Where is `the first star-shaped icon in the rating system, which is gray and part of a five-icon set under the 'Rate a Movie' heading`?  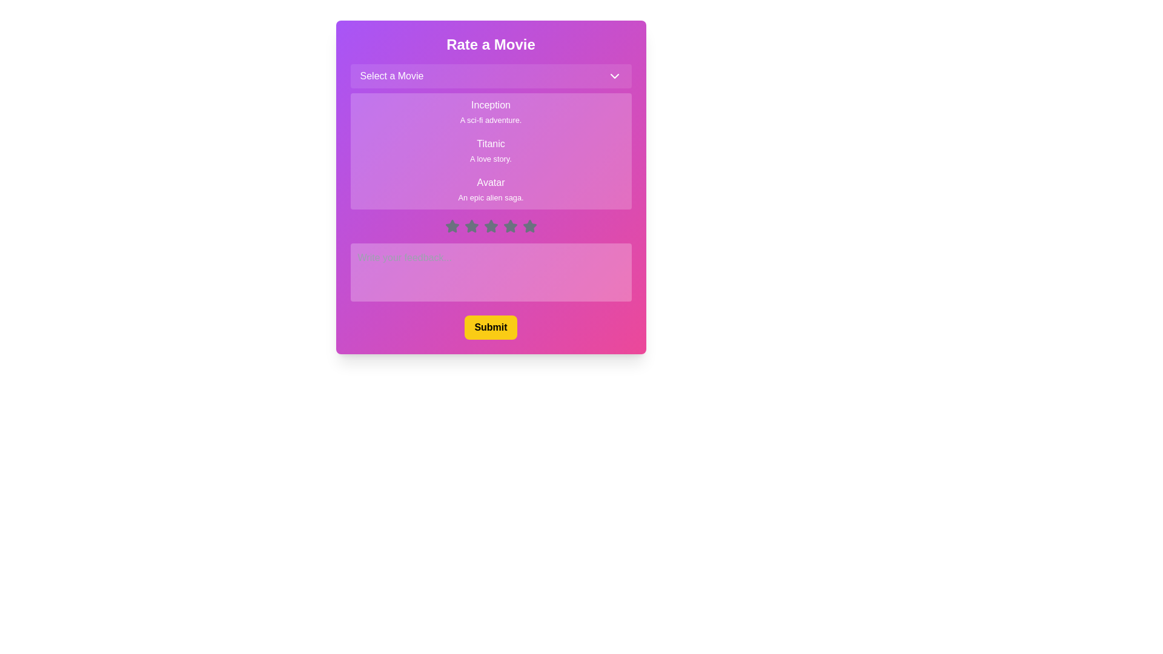 the first star-shaped icon in the rating system, which is gray and part of a five-icon set under the 'Rate a Movie' heading is located at coordinates (451, 226).